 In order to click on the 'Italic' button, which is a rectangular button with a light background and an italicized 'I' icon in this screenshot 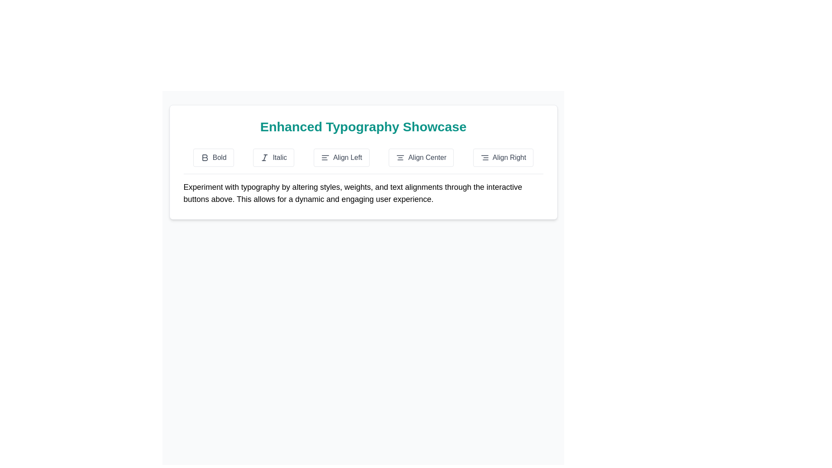, I will do `click(273, 157)`.